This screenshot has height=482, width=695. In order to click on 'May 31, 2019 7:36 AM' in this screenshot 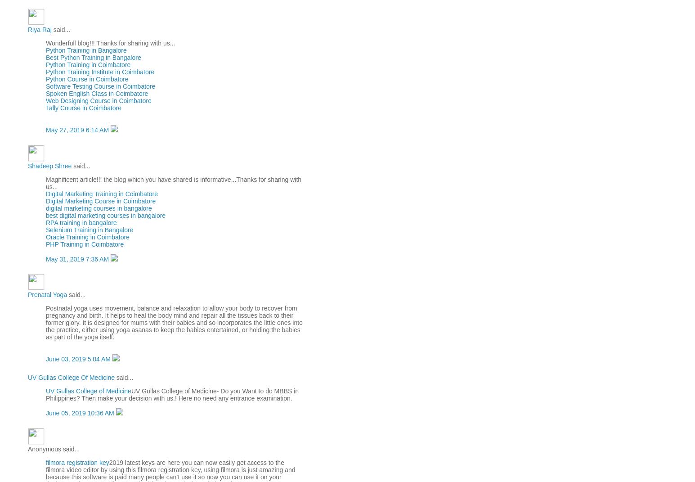, I will do `click(78, 259)`.